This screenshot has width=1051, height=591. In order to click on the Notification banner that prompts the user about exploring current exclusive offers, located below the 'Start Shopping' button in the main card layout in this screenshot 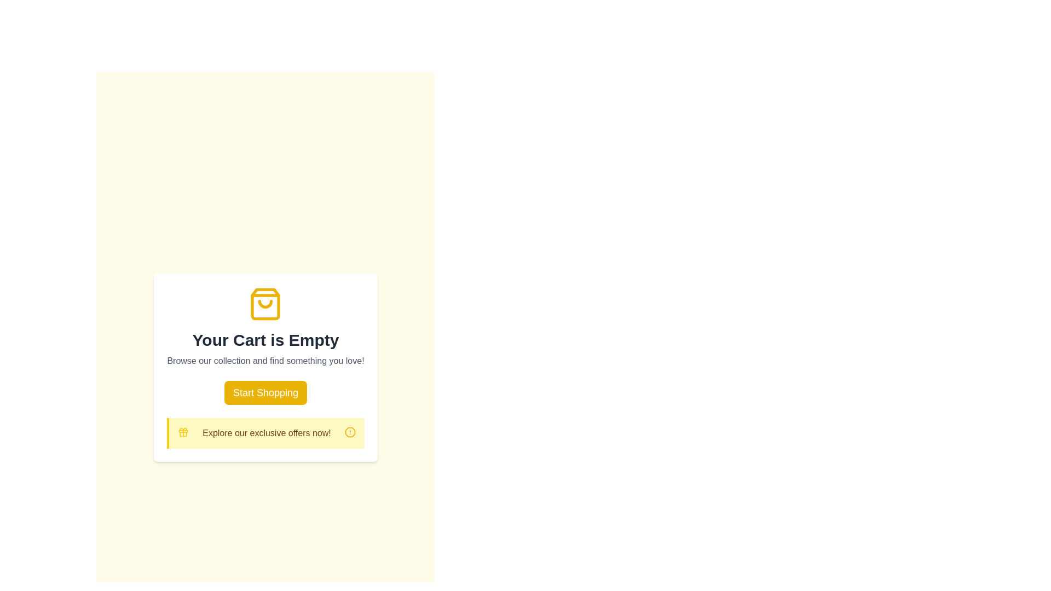, I will do `click(265, 432)`.